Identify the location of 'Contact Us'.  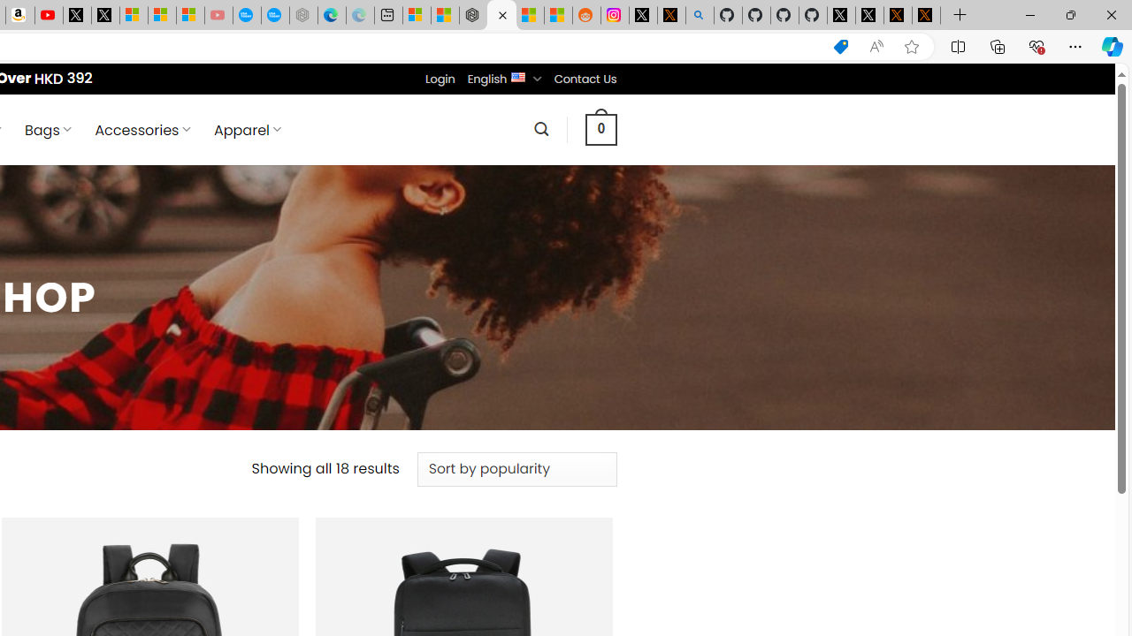
(585, 78).